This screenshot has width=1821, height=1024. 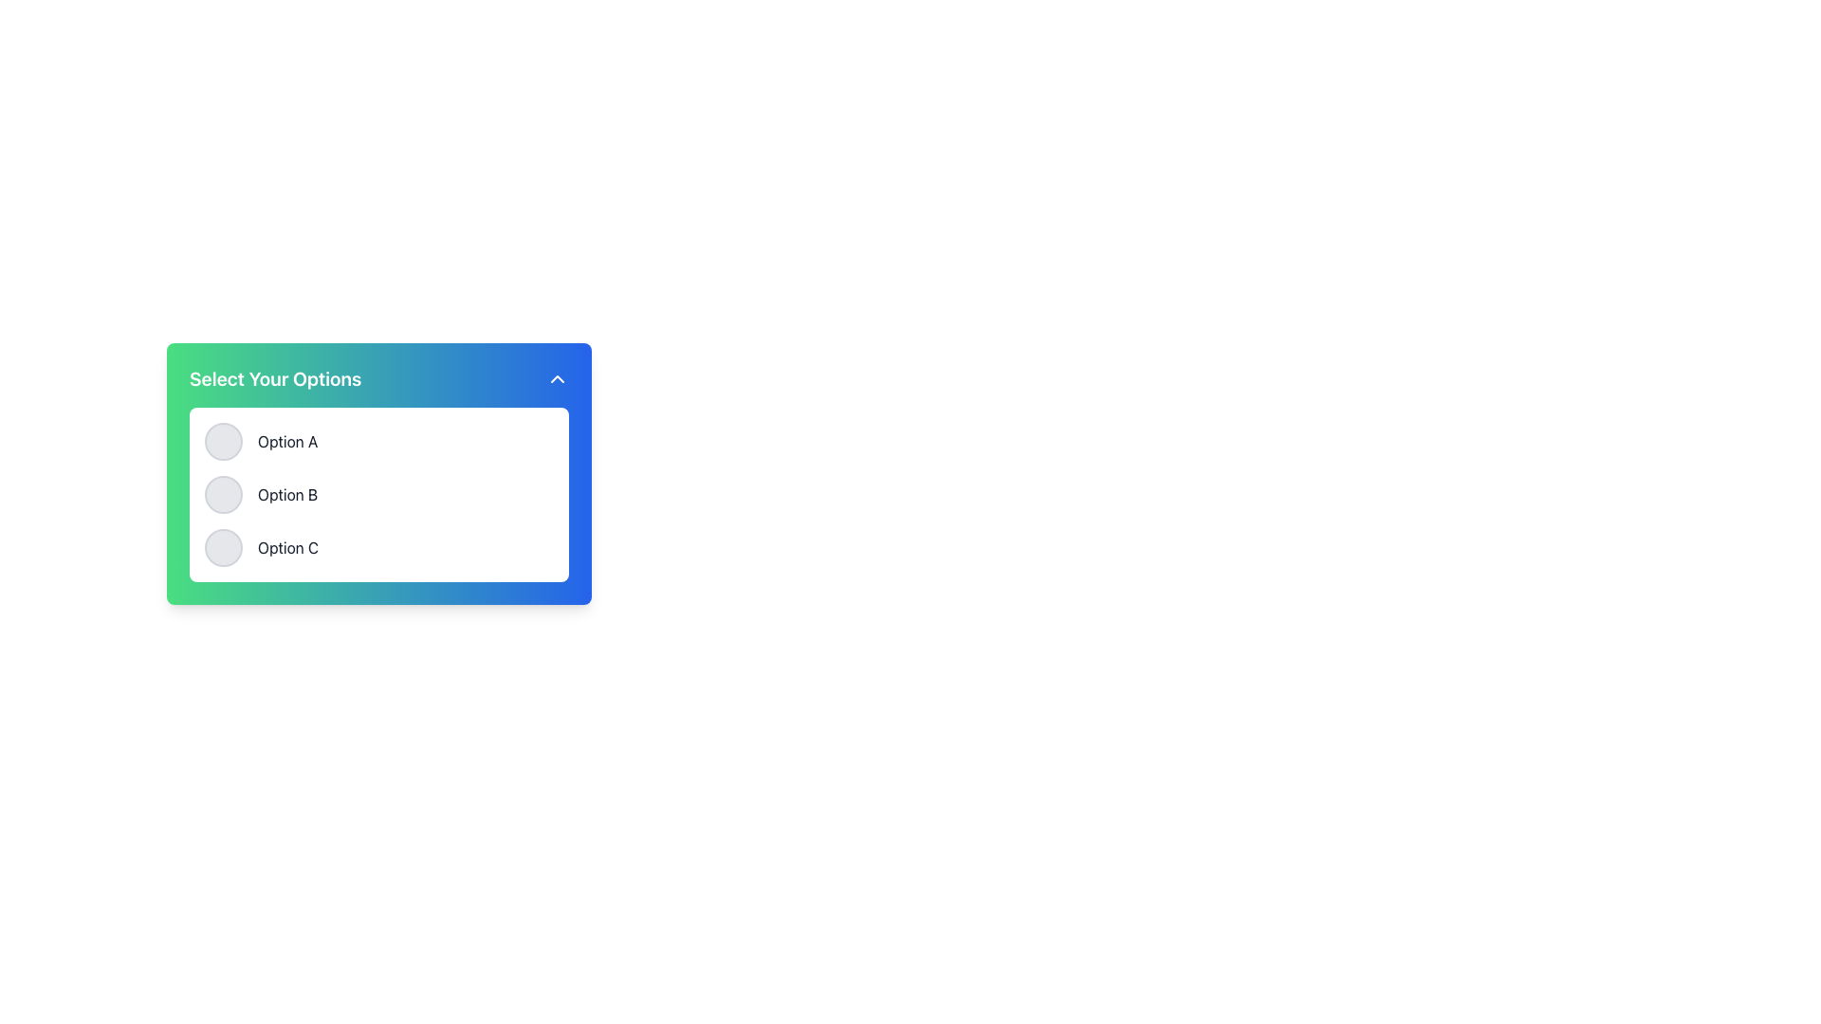 I want to click on the static text label displaying 'Option A', which is the first option in the dropdown interface under 'Select Your Options', so click(x=286, y=442).